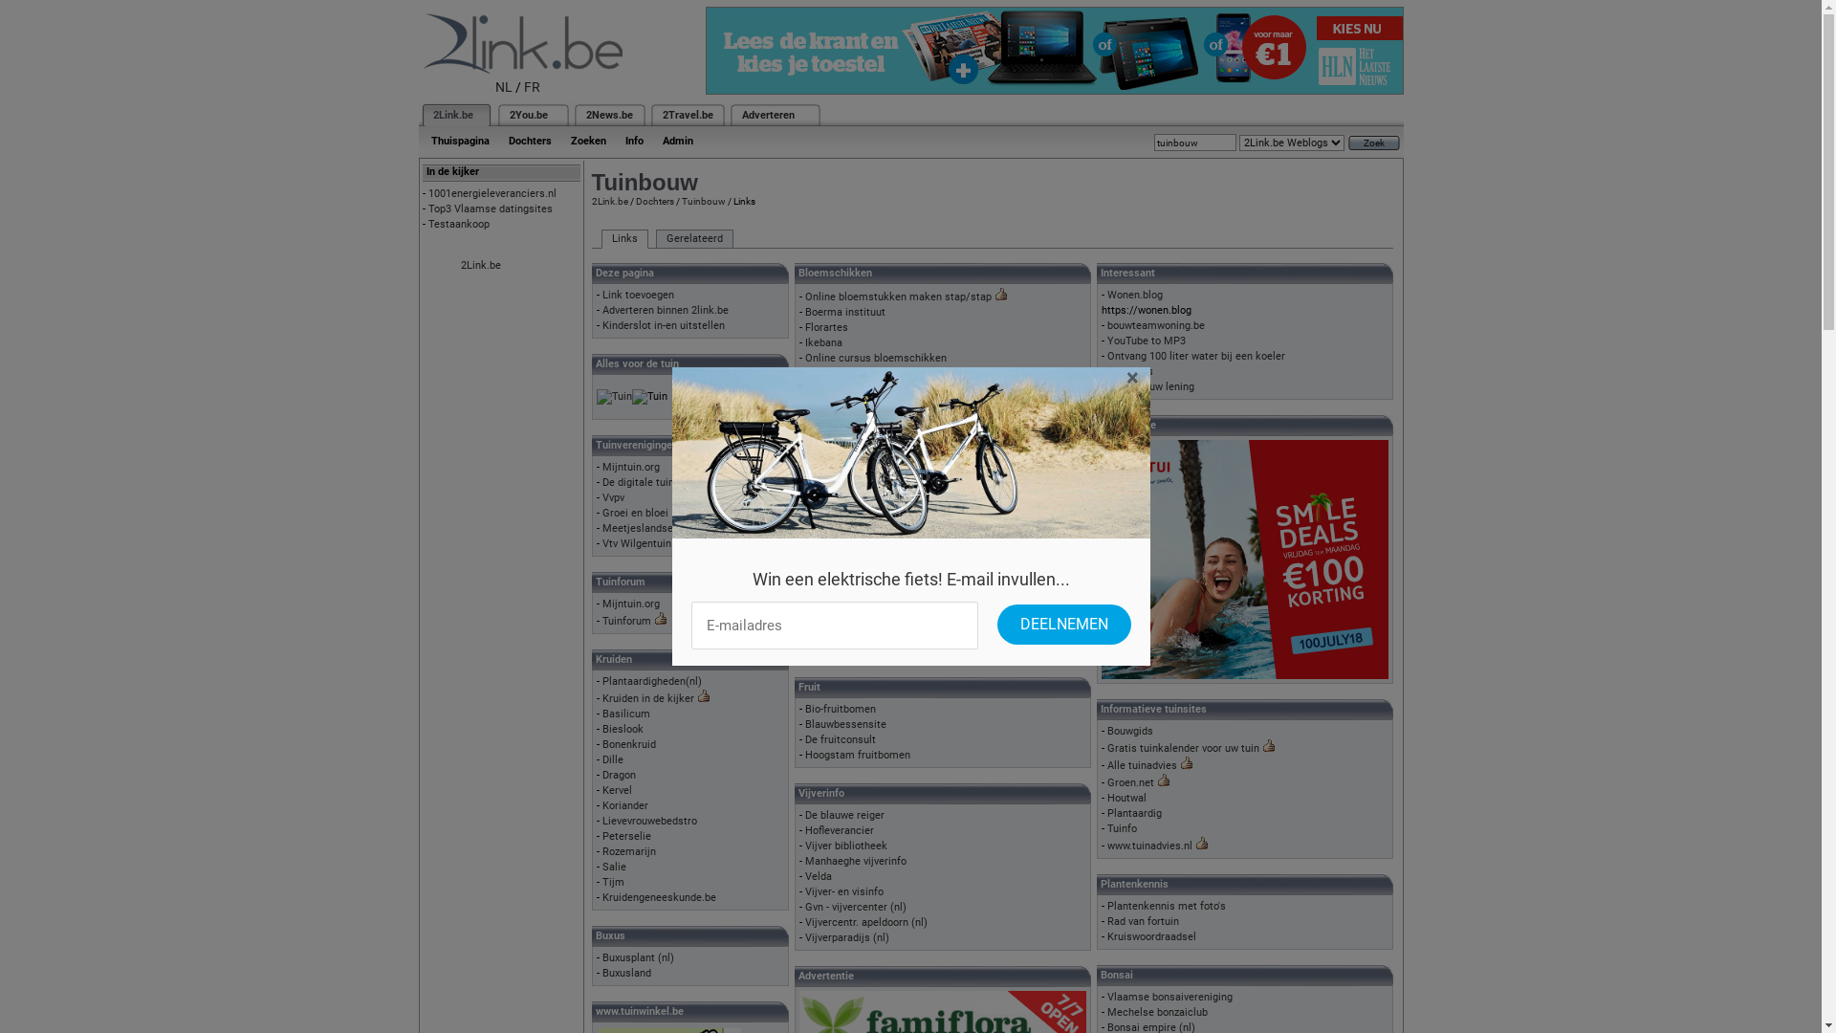  I want to click on 'Rozemarijn', so click(628, 850).